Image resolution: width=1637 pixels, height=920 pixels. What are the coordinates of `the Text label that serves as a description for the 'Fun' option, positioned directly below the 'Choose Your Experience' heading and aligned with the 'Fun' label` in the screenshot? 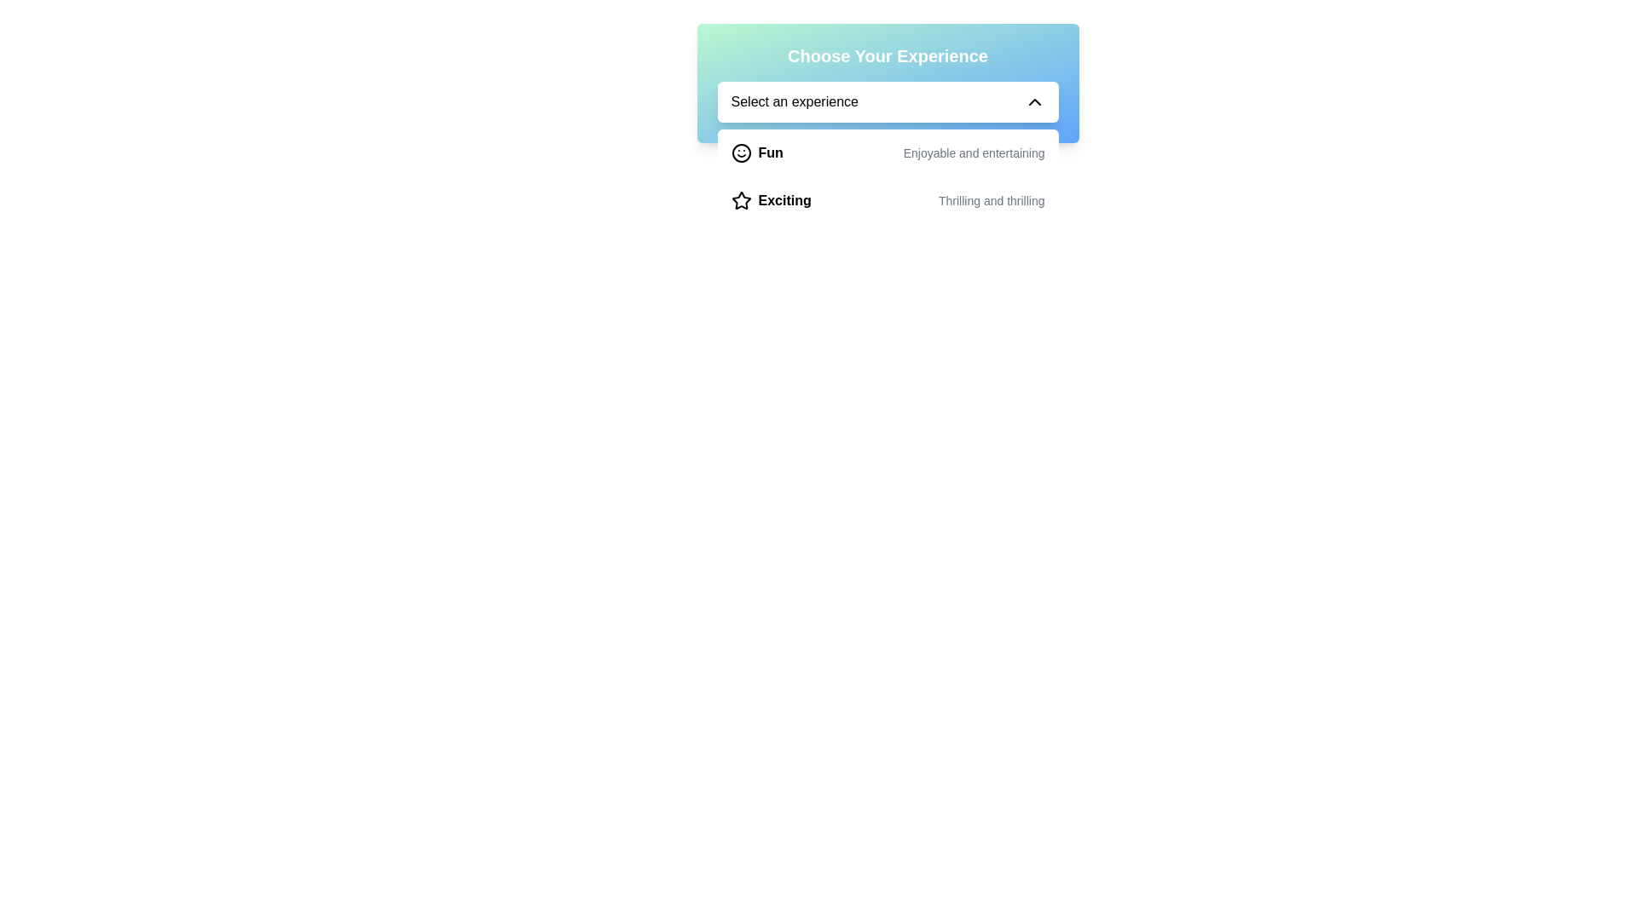 It's located at (974, 153).